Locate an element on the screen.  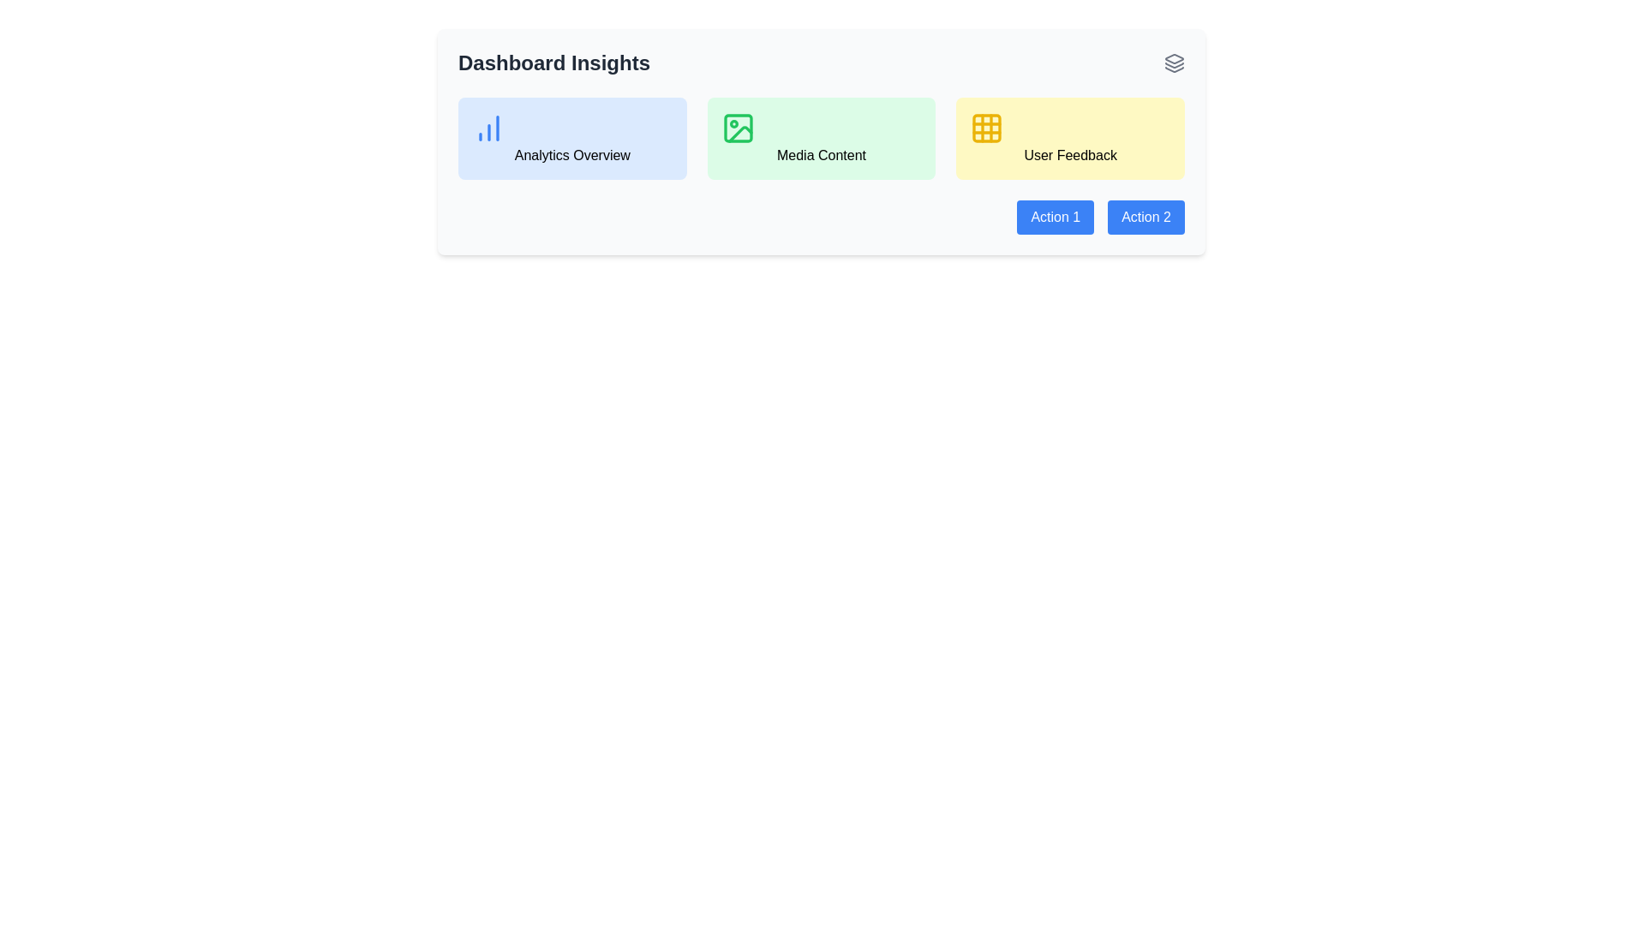
the 'Action 1' button located at the bottom-right corner of the 'Dashboard Insights' section is located at coordinates (1055, 217).